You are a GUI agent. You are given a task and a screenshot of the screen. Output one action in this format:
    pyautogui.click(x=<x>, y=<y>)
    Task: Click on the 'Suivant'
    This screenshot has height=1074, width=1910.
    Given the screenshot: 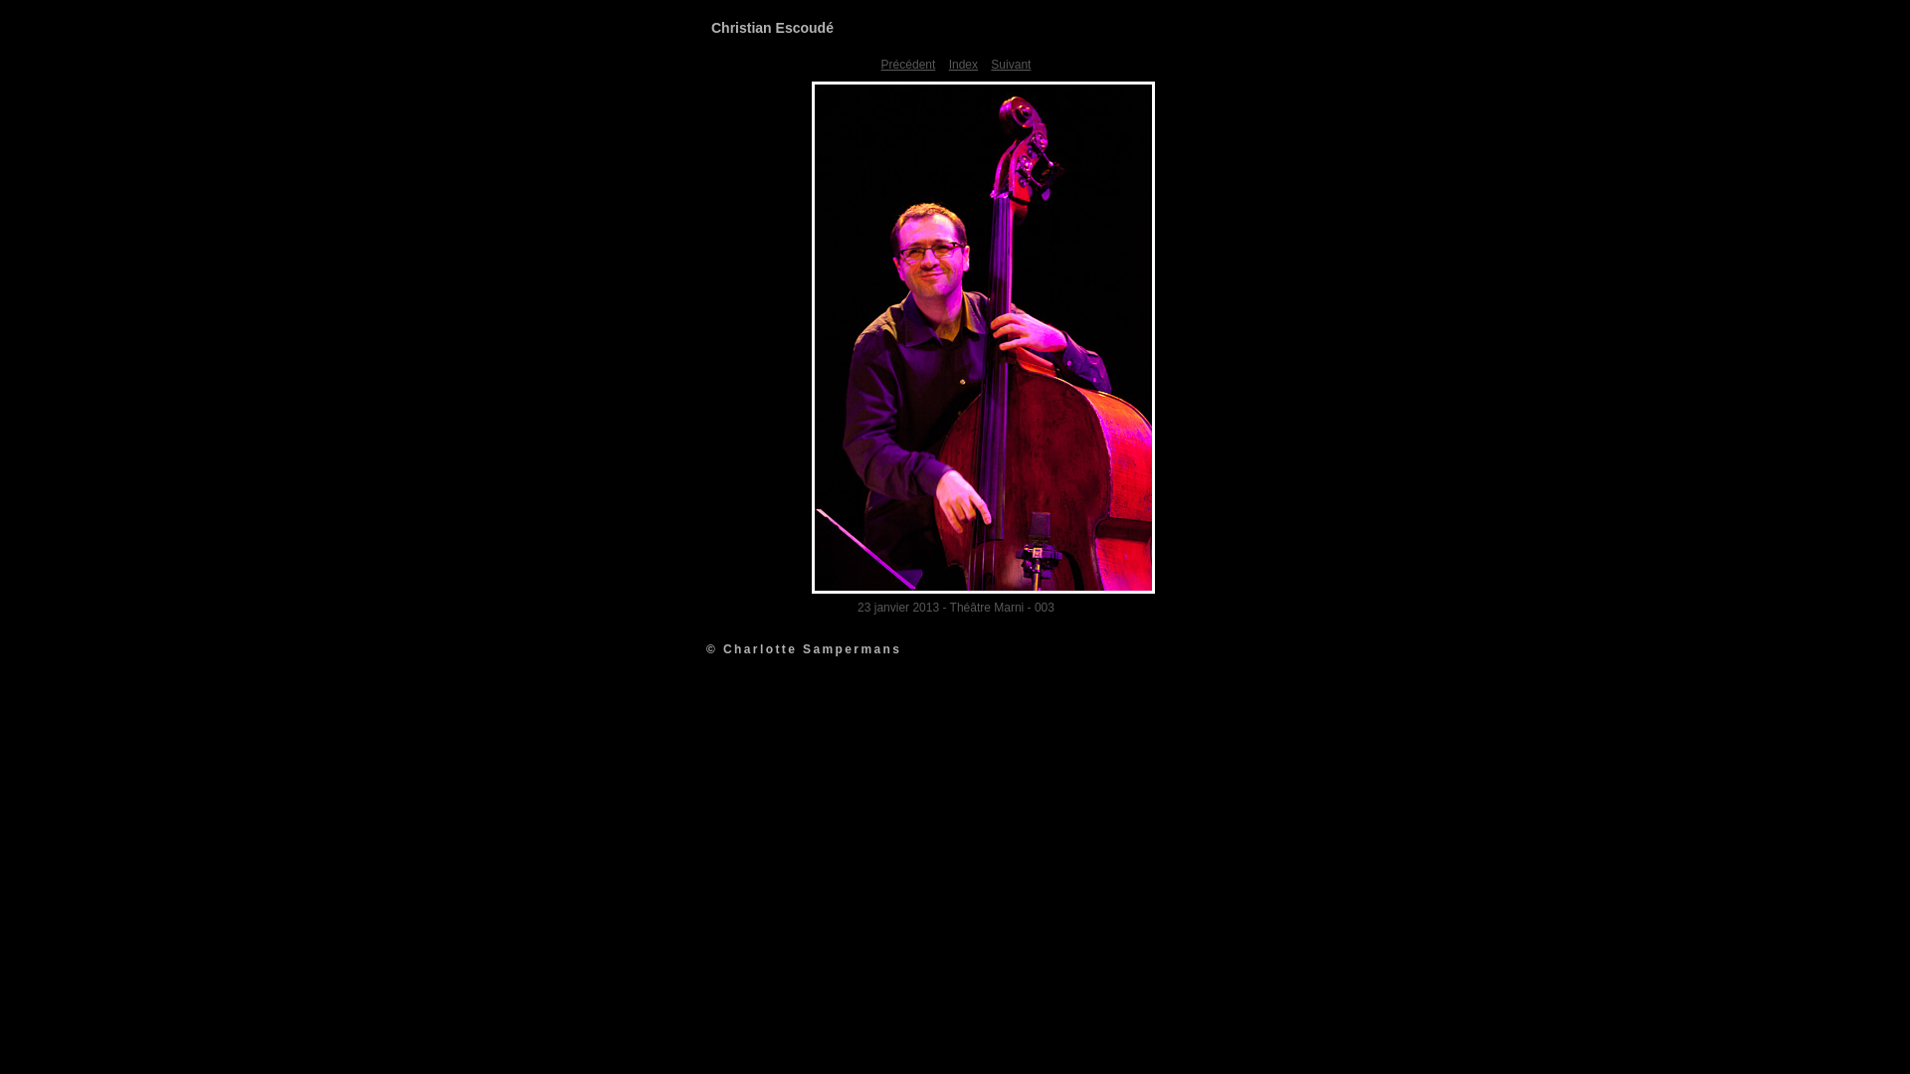 What is the action you would take?
    pyautogui.click(x=1011, y=64)
    